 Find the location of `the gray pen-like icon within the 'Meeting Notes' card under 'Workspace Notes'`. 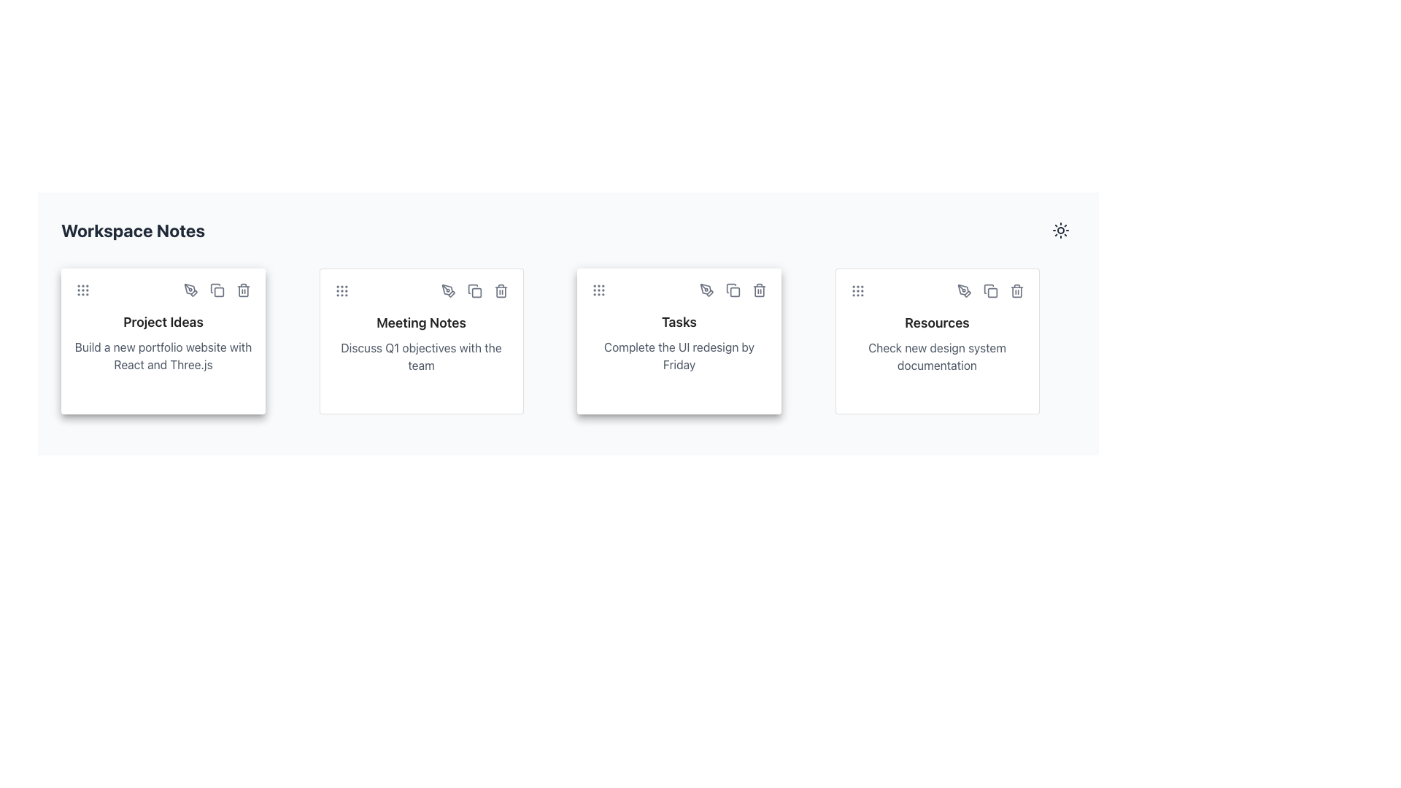

the gray pen-like icon within the 'Meeting Notes' card under 'Workspace Notes' is located at coordinates (447, 290).